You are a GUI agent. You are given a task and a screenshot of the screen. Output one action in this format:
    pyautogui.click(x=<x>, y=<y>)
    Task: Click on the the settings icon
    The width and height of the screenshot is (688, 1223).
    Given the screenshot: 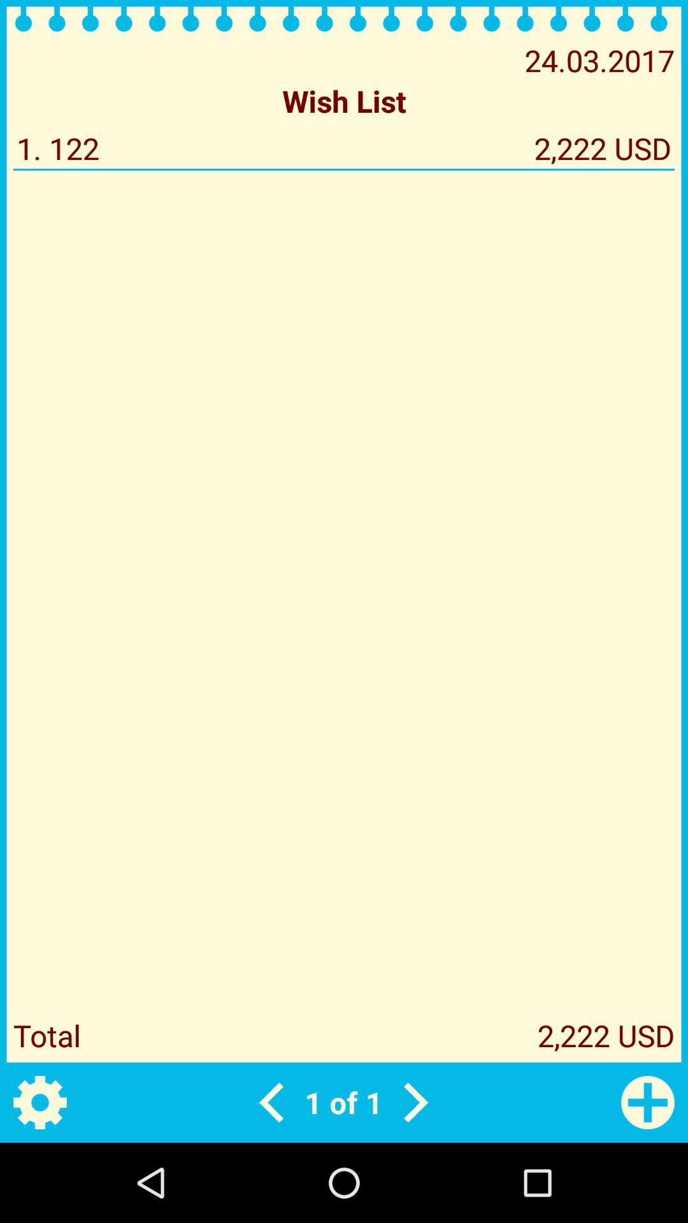 What is the action you would take?
    pyautogui.click(x=39, y=1179)
    